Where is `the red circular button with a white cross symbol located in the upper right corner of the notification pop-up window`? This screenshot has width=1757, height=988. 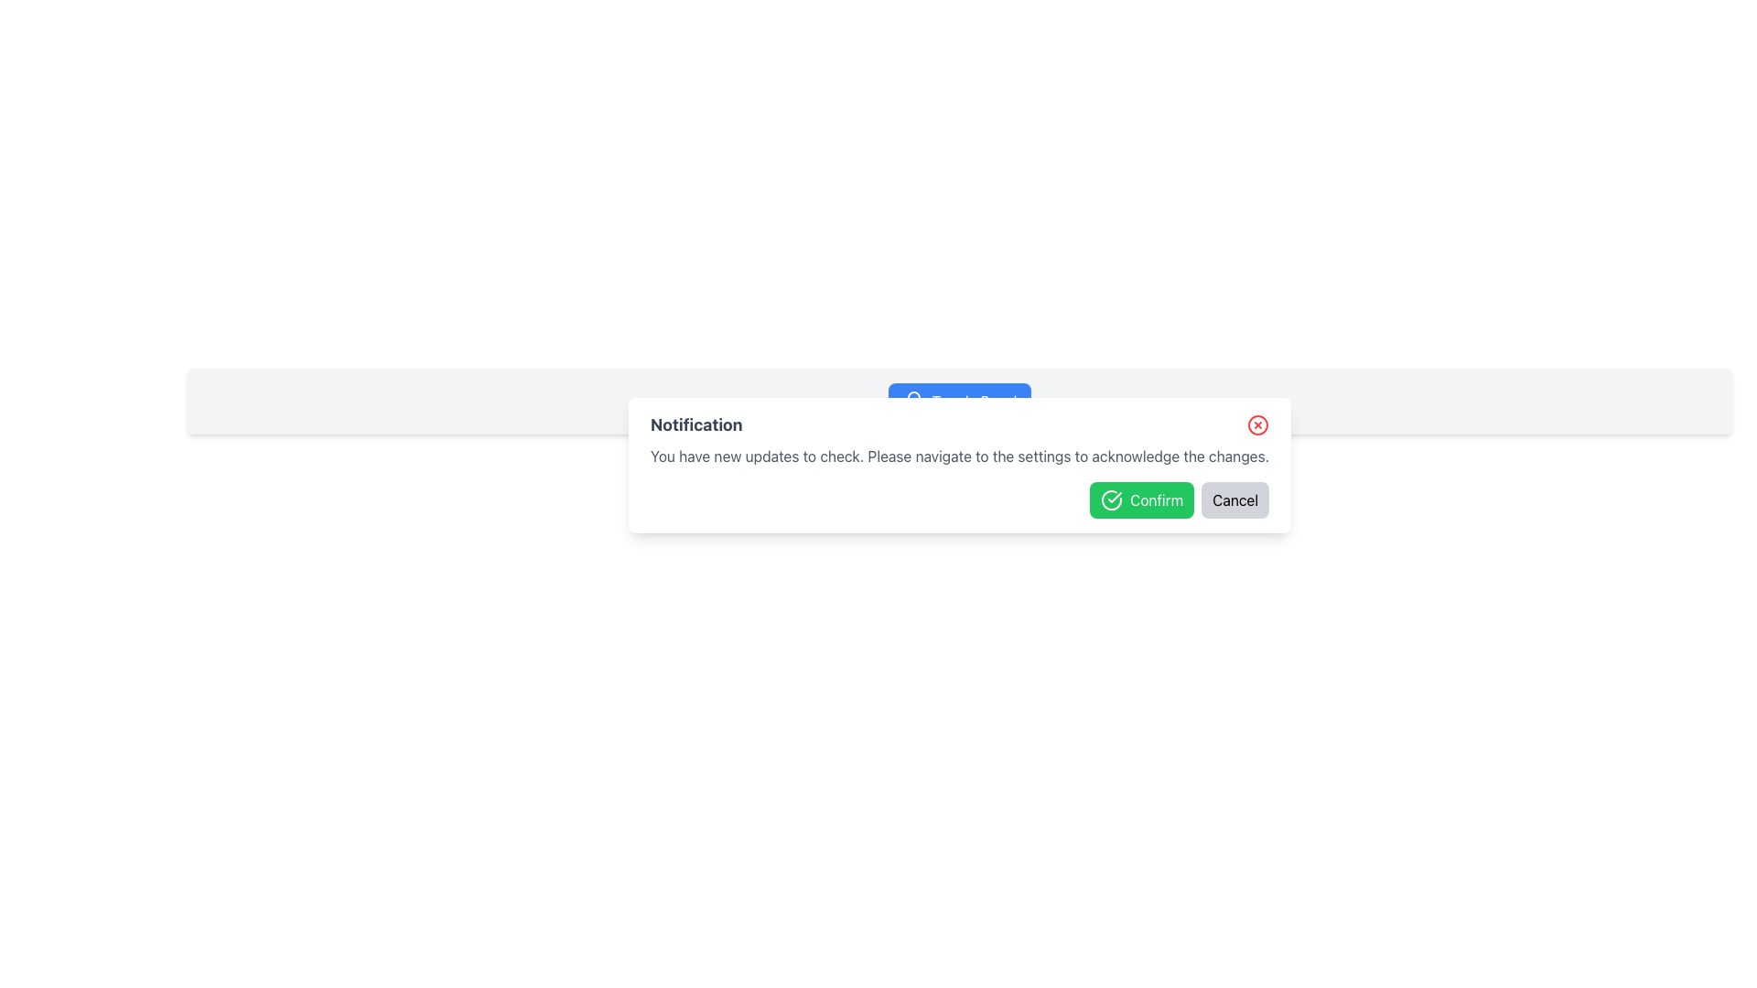 the red circular button with a white cross symbol located in the upper right corner of the notification pop-up window is located at coordinates (1257, 425).